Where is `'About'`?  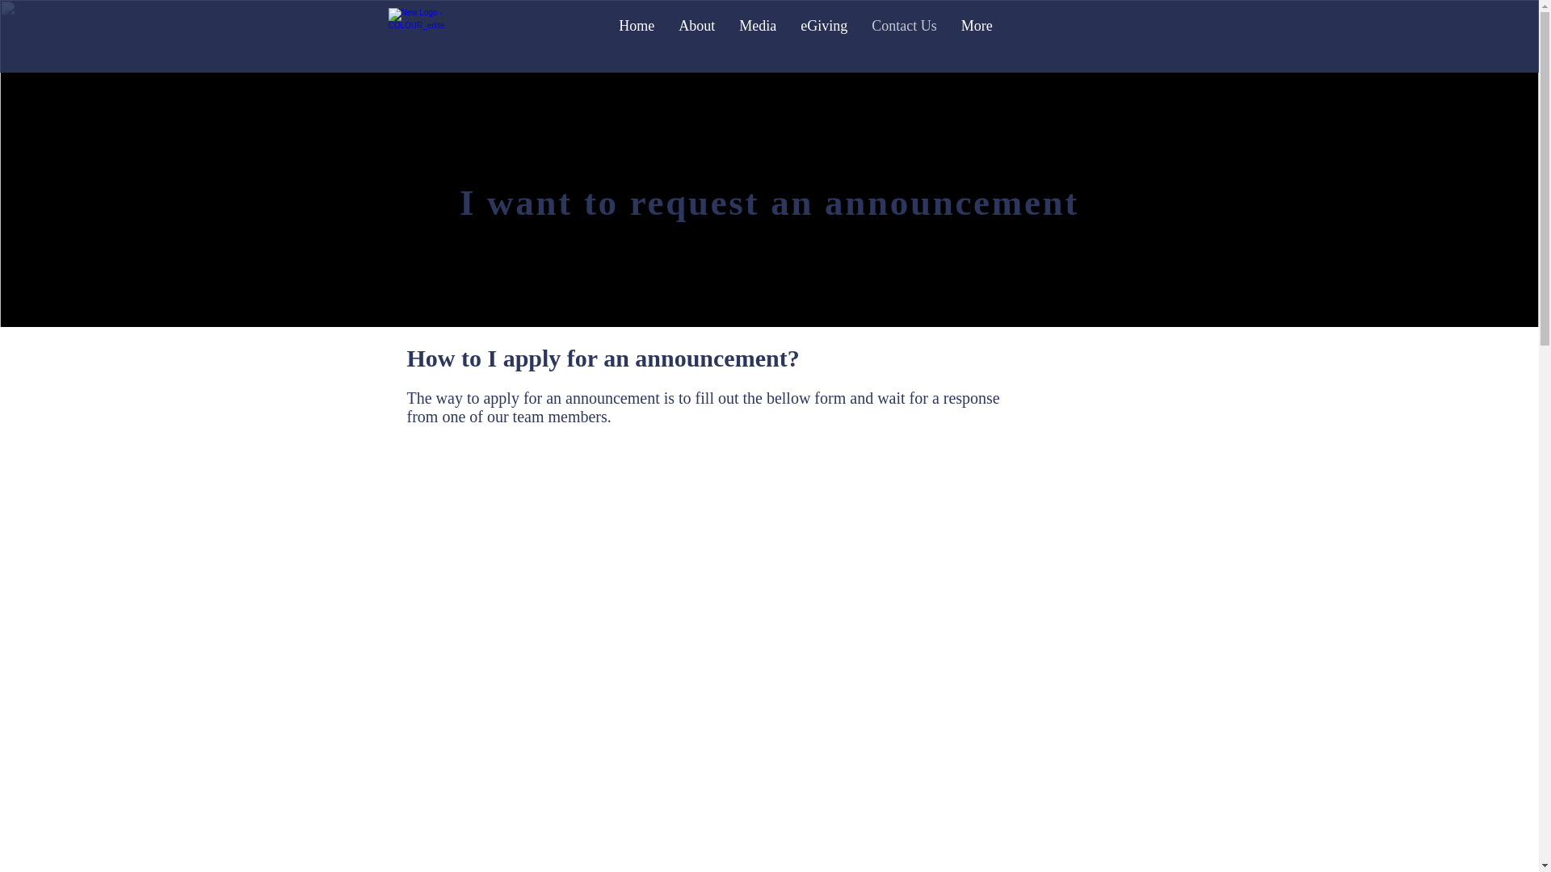 'About' is located at coordinates (696, 36).